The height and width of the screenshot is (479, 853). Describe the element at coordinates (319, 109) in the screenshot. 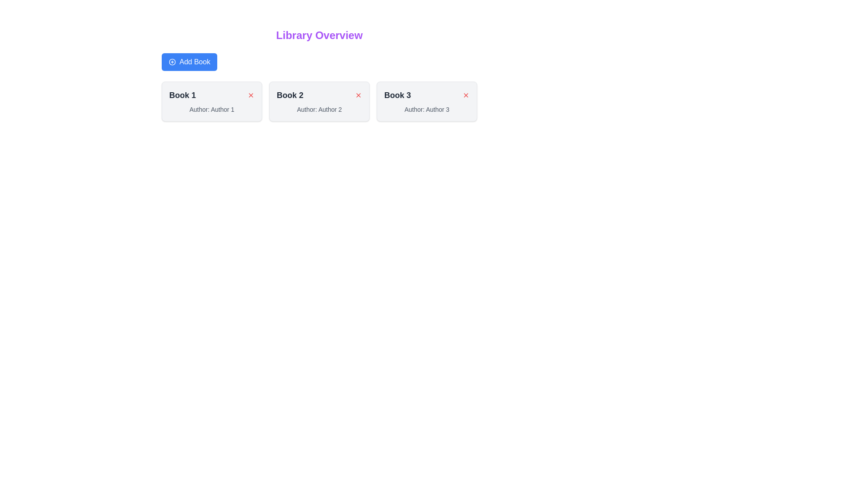

I see `the static text display showing the author's name for 'Book 2', located in the second card below the title` at that location.